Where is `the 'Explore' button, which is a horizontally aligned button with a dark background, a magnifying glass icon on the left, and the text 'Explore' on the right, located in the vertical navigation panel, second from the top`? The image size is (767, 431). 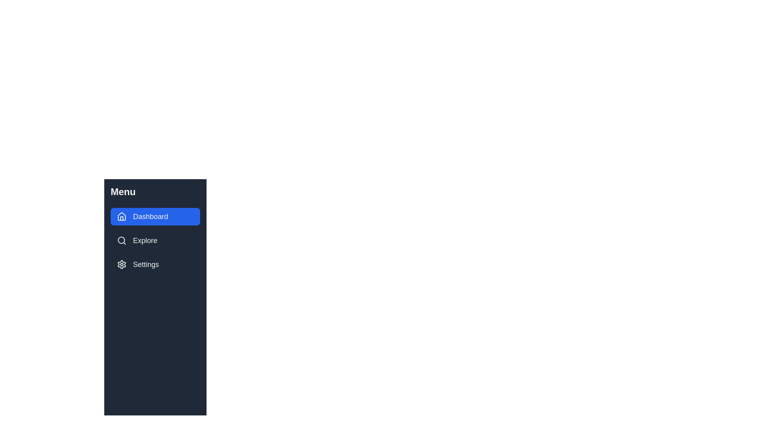 the 'Explore' button, which is a horizontally aligned button with a dark background, a magnifying glass icon on the left, and the text 'Explore' on the right, located in the vertical navigation panel, second from the top is located at coordinates (155, 240).